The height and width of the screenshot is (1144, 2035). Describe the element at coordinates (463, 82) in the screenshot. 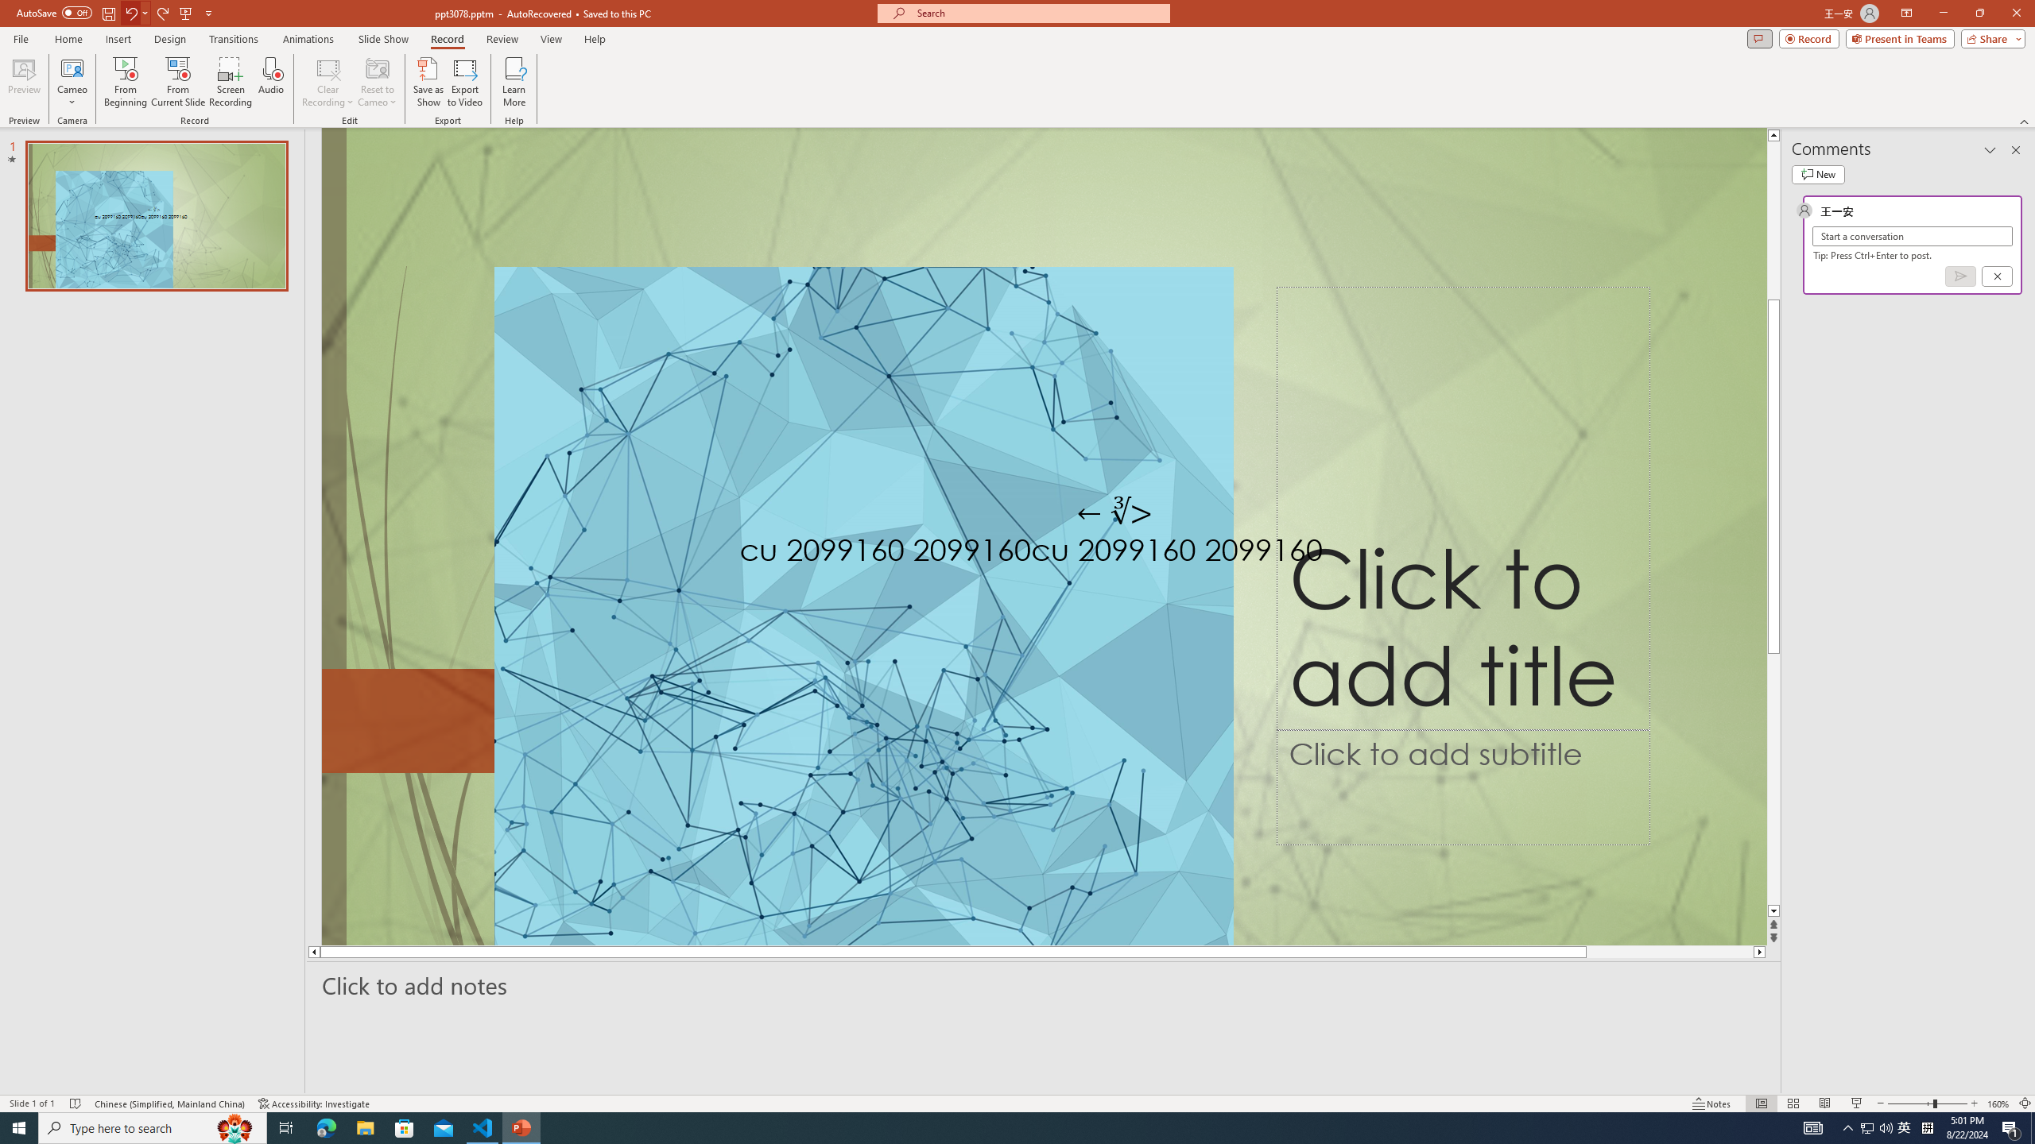

I see `'Export to Video'` at that location.